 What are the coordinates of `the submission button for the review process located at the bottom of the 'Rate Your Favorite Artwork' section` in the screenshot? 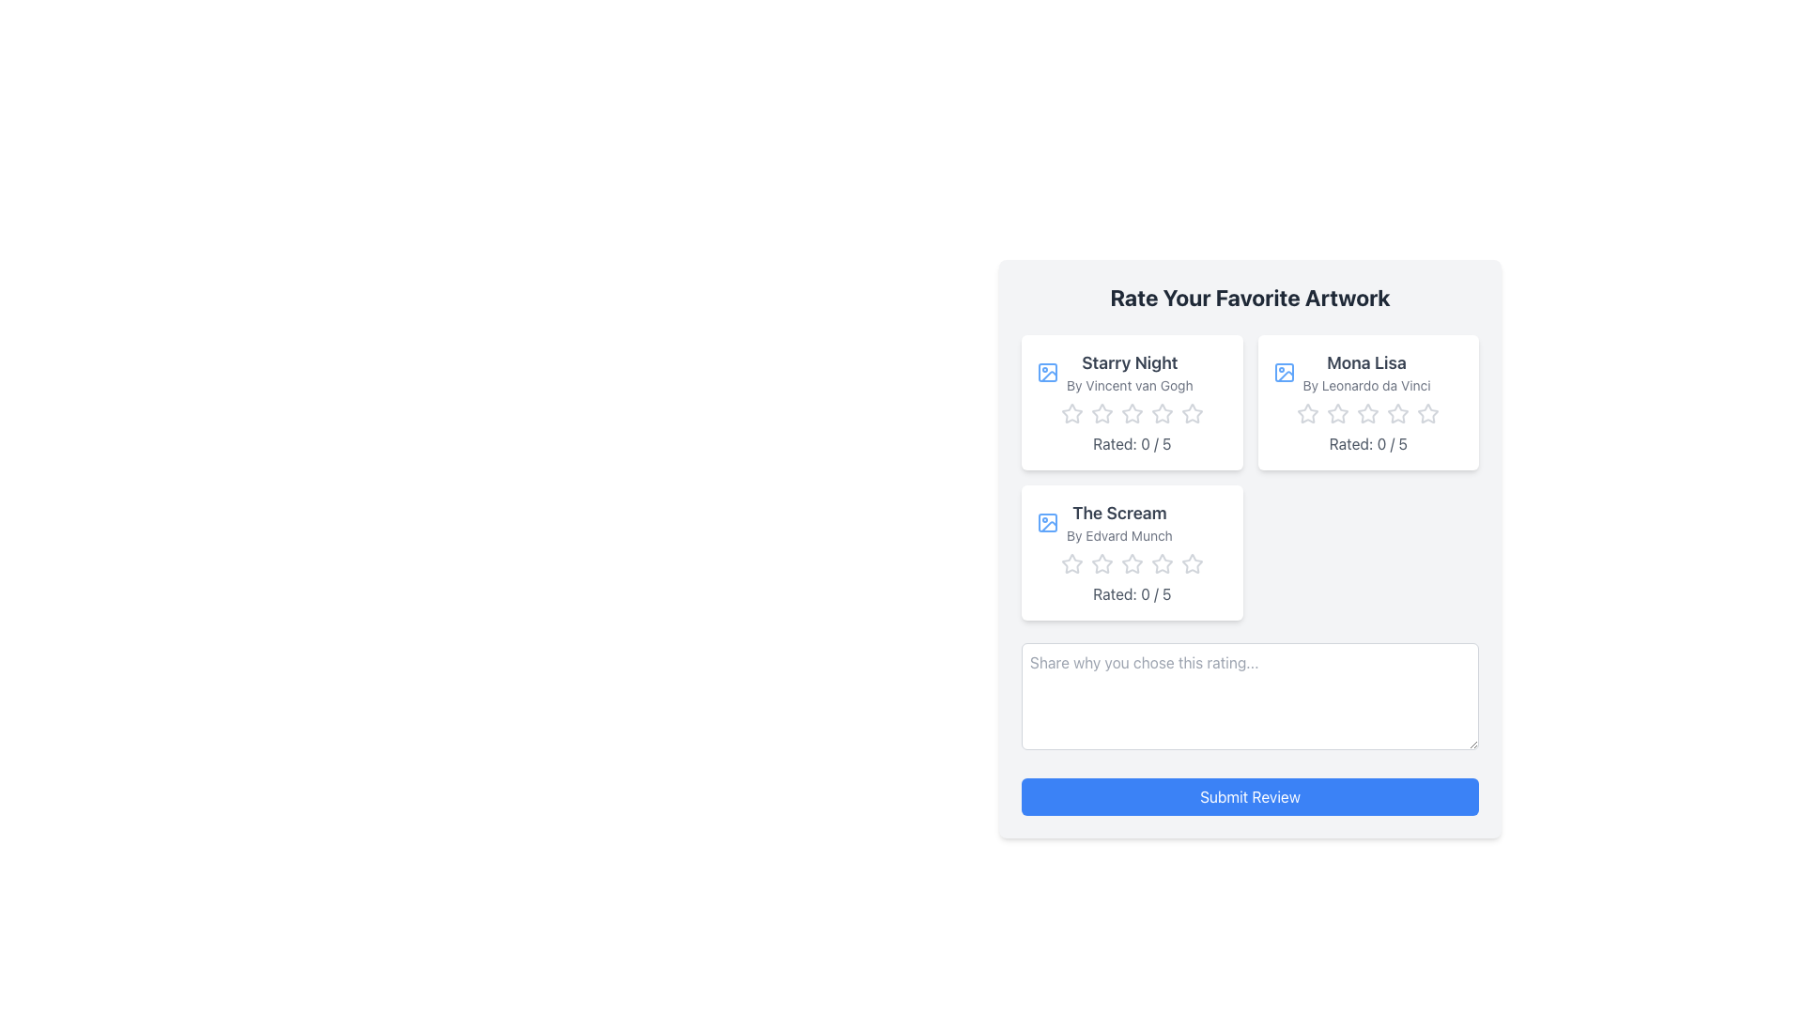 It's located at (1250, 796).